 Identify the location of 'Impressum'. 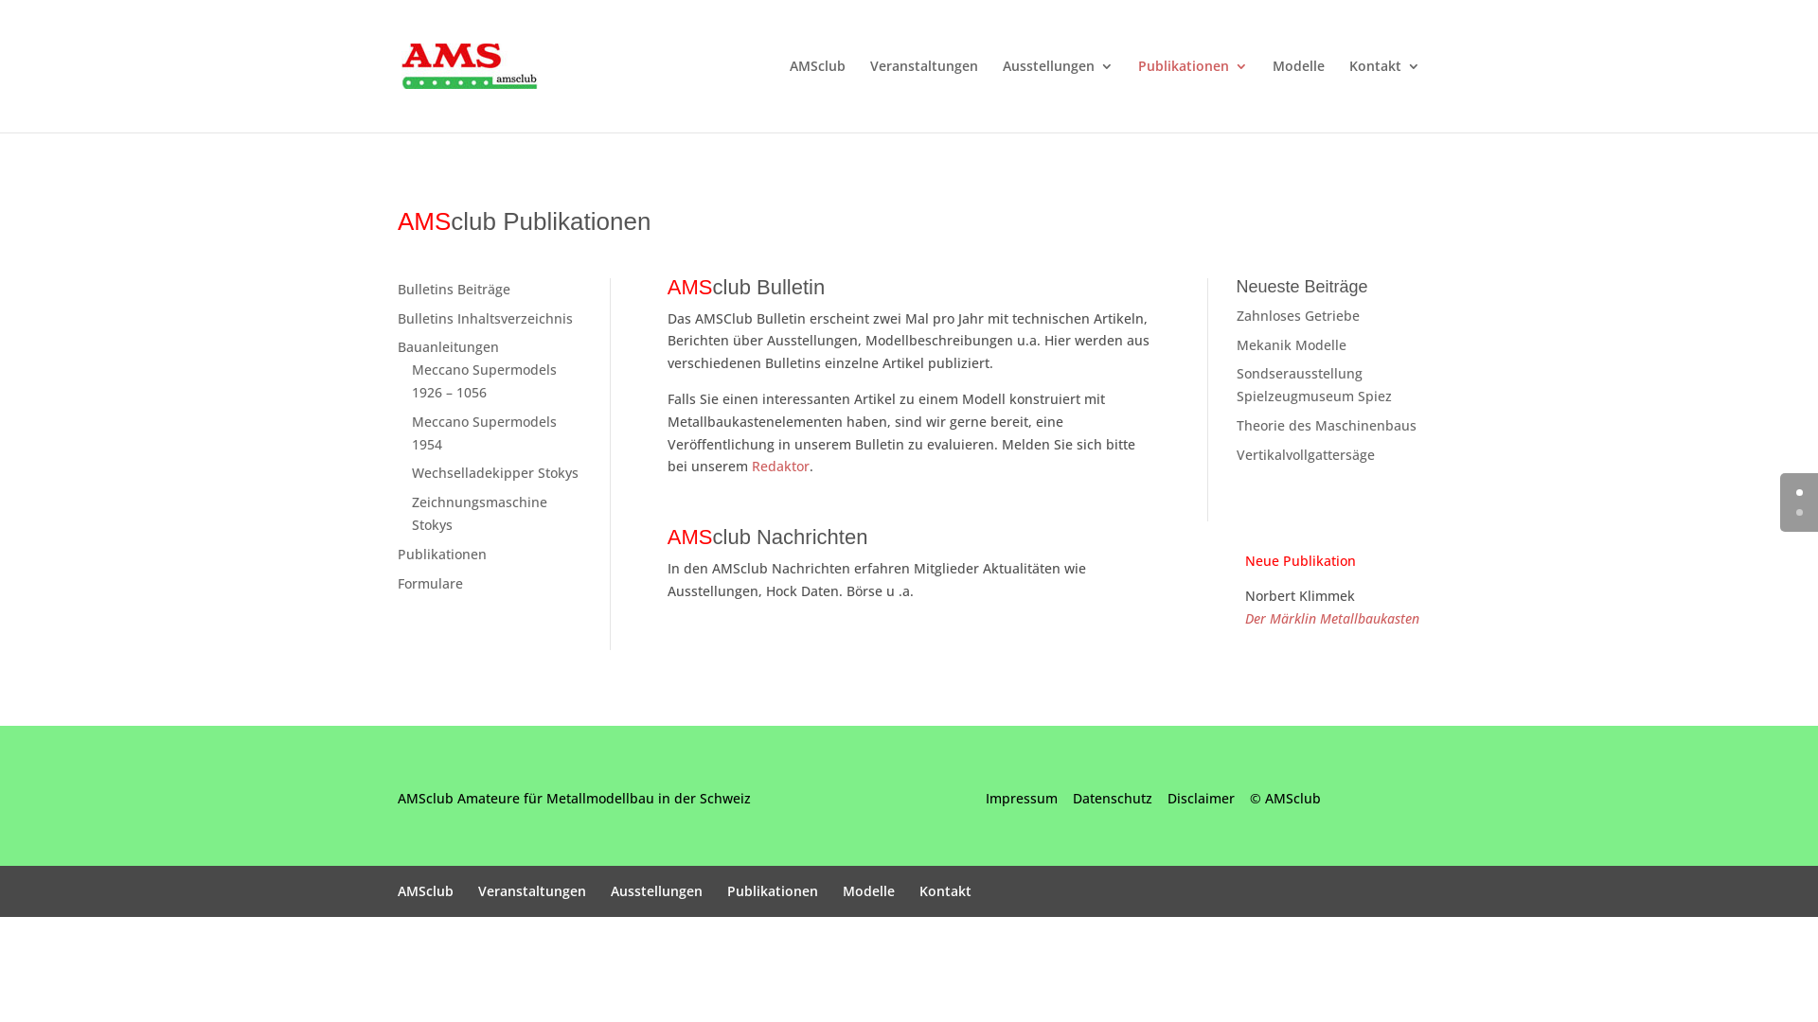
(1021, 798).